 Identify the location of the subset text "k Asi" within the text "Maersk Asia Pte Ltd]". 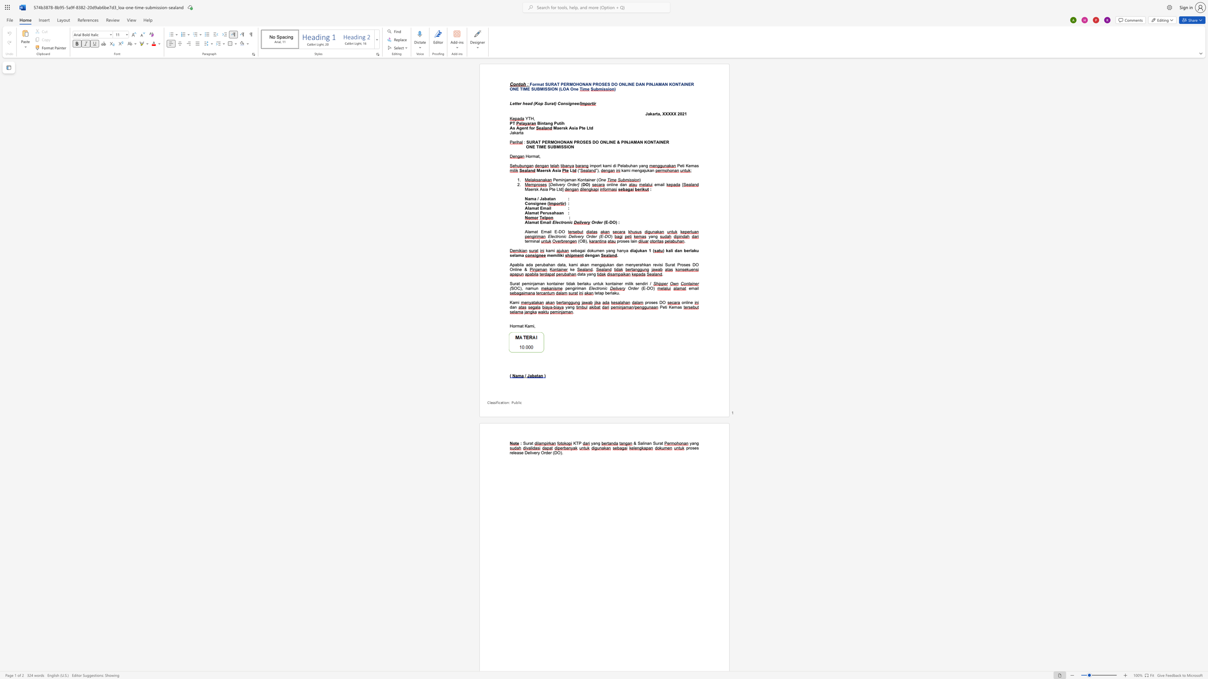
(536, 189).